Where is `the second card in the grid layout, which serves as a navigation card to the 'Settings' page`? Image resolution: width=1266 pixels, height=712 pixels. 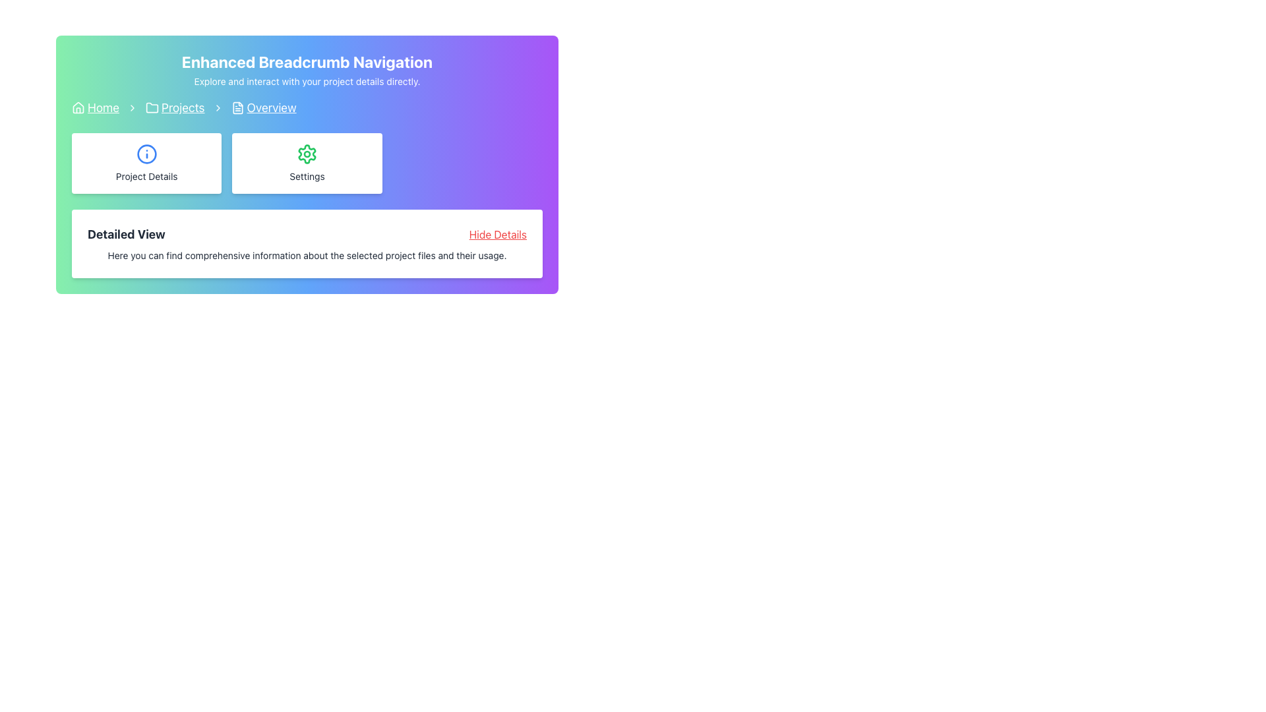 the second card in the grid layout, which serves as a navigation card to the 'Settings' page is located at coordinates (306, 162).